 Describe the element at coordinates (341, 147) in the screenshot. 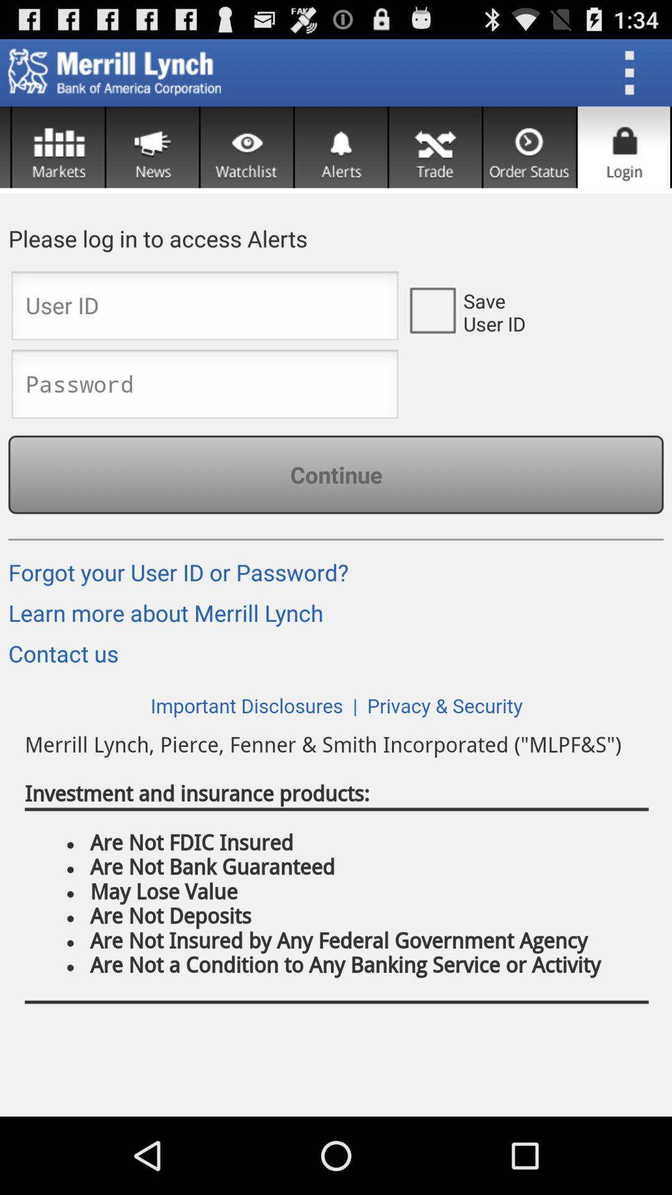

I see `alerts` at that location.